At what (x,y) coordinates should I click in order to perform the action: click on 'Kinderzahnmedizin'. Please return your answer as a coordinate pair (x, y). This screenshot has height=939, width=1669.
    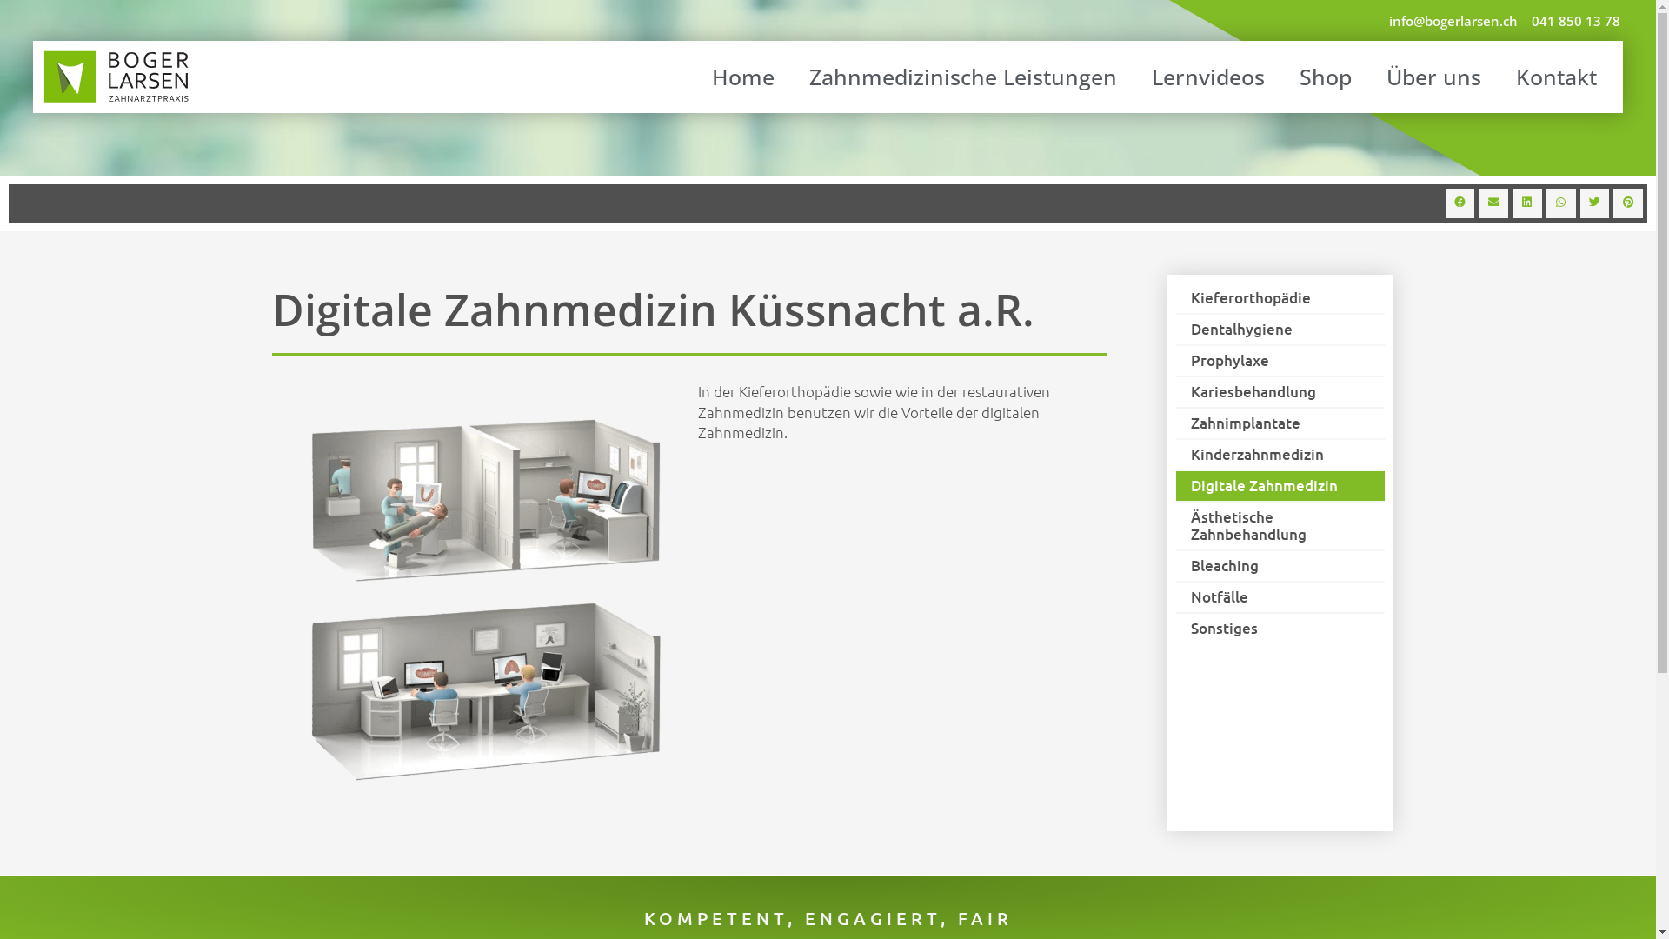
    Looking at the image, I should click on (1280, 454).